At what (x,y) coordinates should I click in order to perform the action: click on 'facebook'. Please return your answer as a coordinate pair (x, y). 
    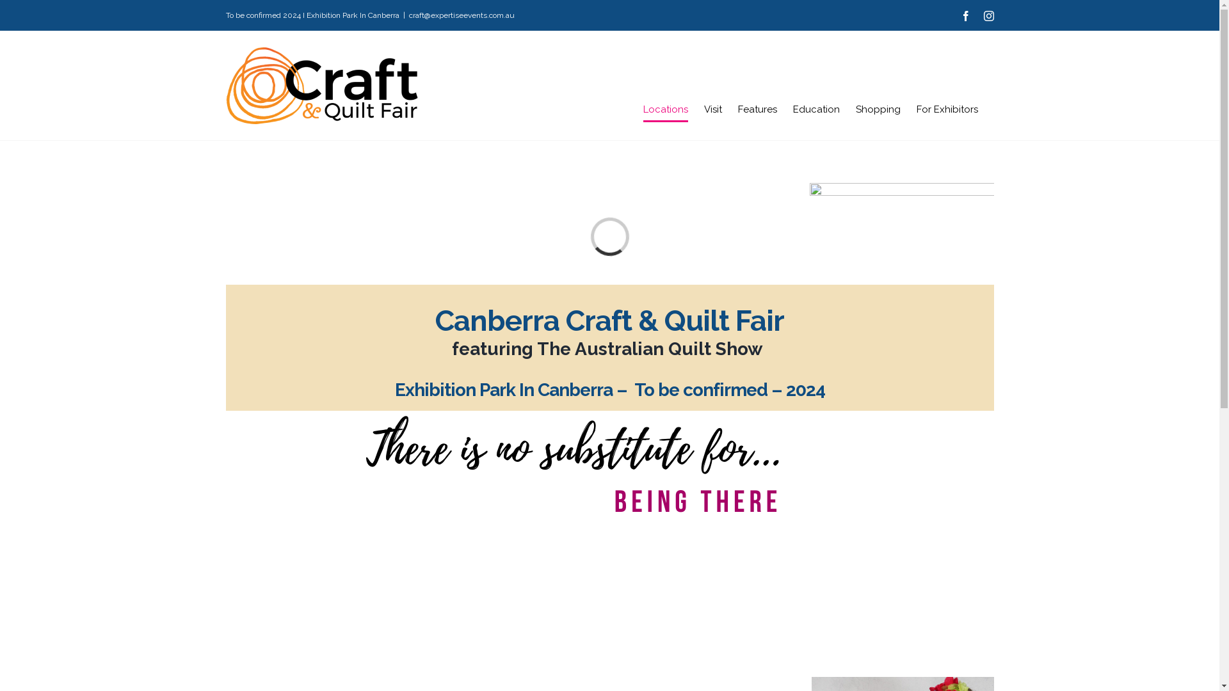
    Looking at the image, I should click on (960, 15).